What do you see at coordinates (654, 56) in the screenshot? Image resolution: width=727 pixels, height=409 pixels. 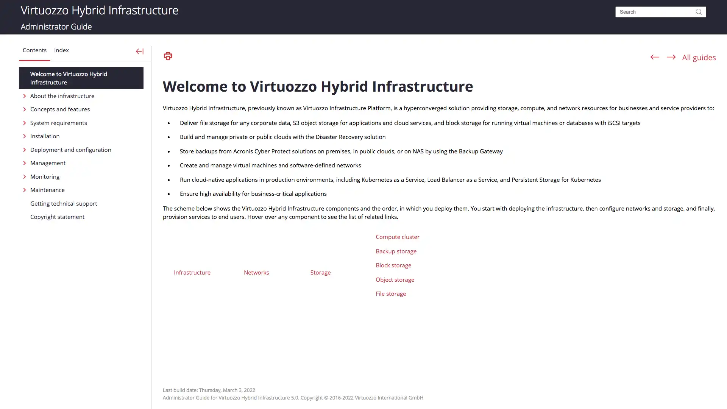 I see `Navigate previous` at bounding box center [654, 56].